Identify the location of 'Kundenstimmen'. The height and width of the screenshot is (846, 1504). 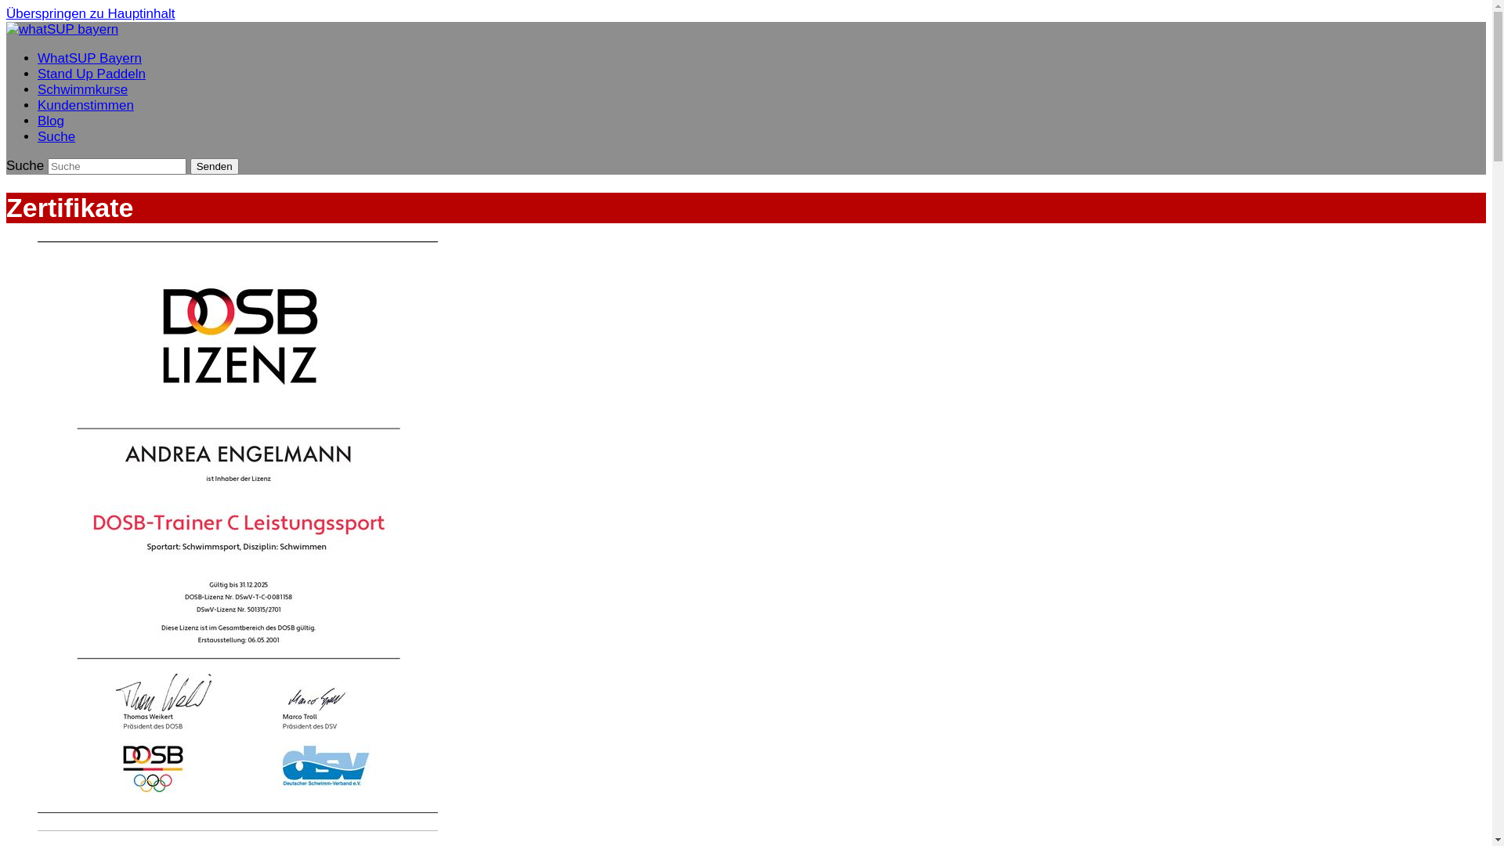
(85, 105).